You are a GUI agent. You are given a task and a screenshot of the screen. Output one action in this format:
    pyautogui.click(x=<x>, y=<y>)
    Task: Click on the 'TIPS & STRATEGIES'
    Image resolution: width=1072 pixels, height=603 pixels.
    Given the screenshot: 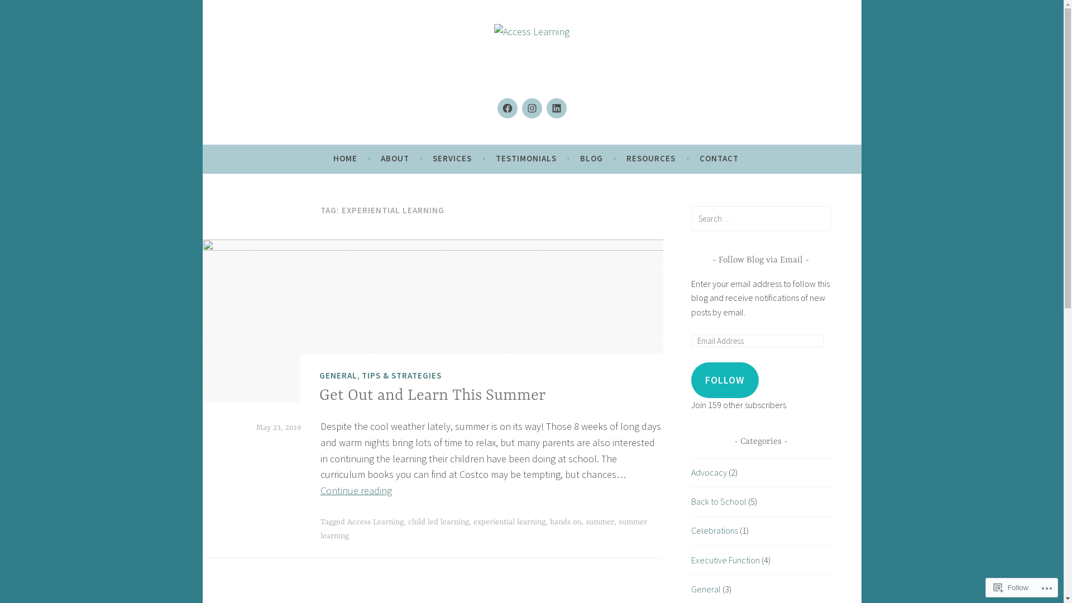 What is the action you would take?
    pyautogui.click(x=401, y=375)
    